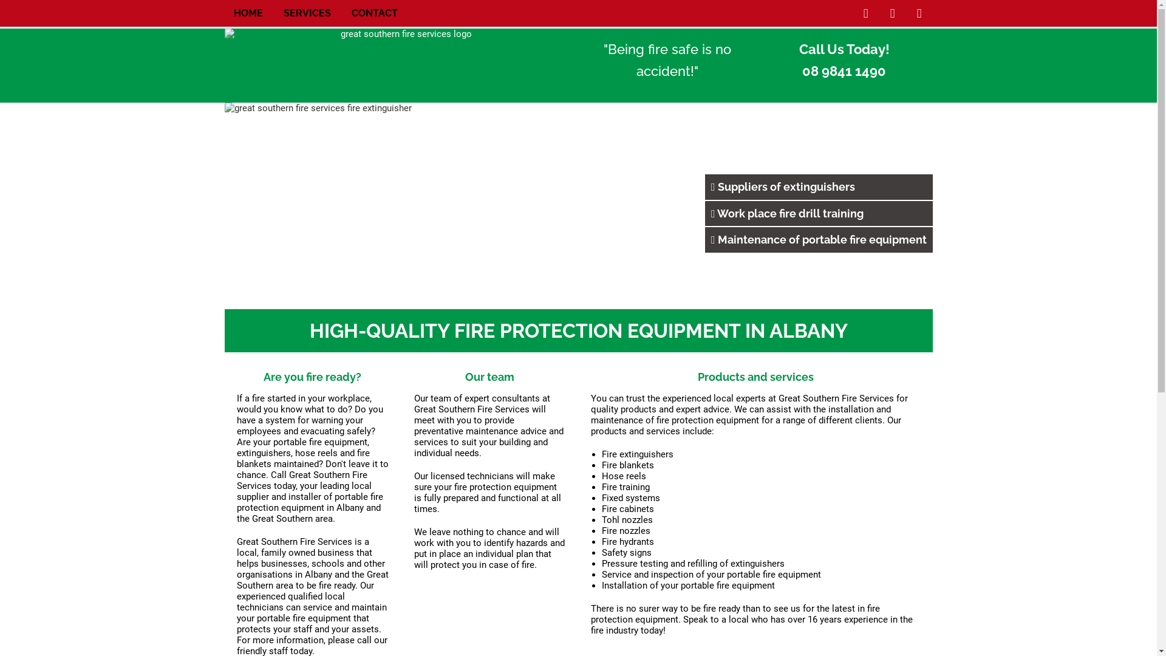 This screenshot has height=656, width=1166. Describe the element at coordinates (373, 13) in the screenshot. I see `'CONTACT'` at that location.